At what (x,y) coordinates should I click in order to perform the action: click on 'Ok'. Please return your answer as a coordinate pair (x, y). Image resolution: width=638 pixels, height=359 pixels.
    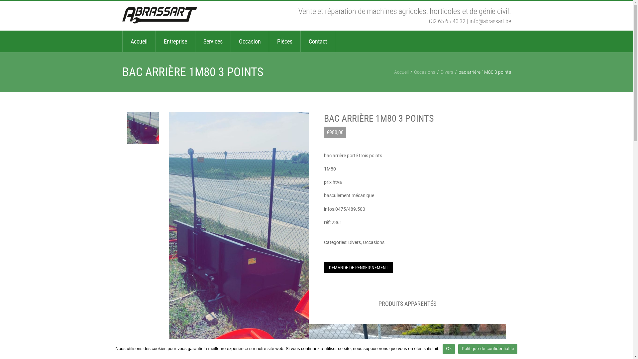
    Looking at the image, I should click on (449, 348).